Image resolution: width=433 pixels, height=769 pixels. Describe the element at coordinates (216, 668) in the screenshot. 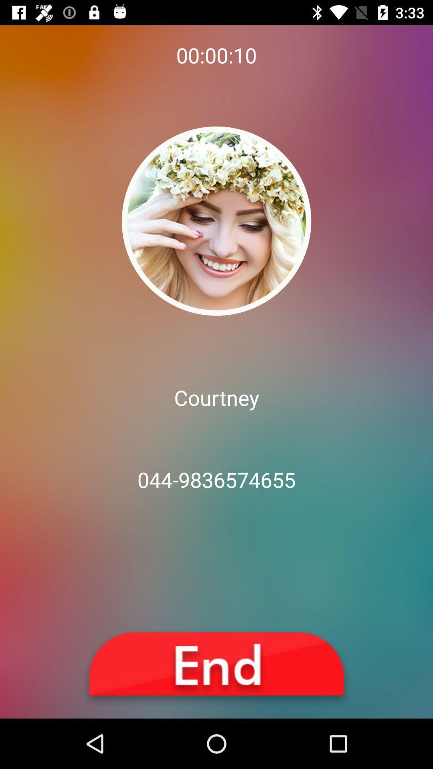

I see `the icon below the 044-9836574655` at that location.